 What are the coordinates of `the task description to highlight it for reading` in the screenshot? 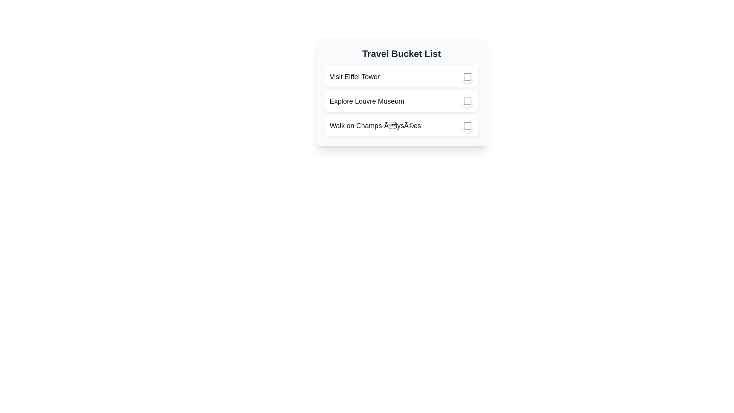 It's located at (354, 76).